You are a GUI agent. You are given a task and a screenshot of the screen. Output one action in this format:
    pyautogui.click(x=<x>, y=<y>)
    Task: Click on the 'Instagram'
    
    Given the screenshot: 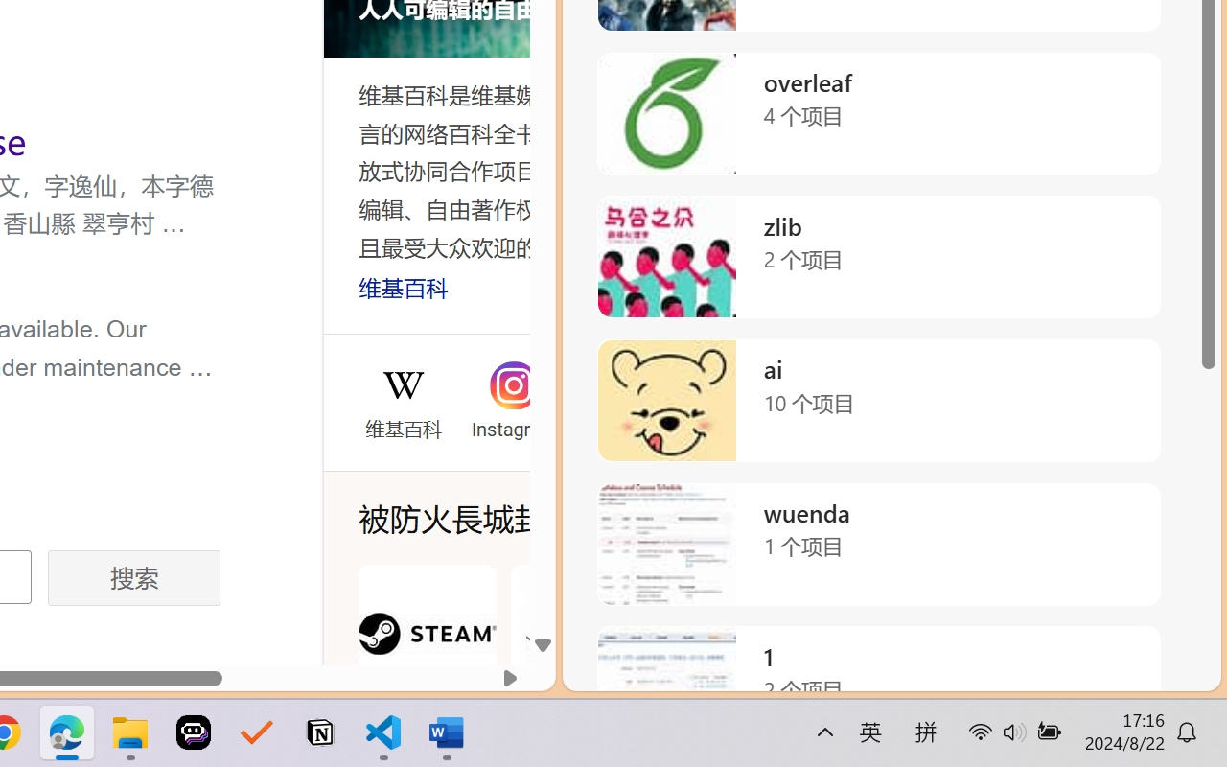 What is the action you would take?
    pyautogui.click(x=513, y=425)
    